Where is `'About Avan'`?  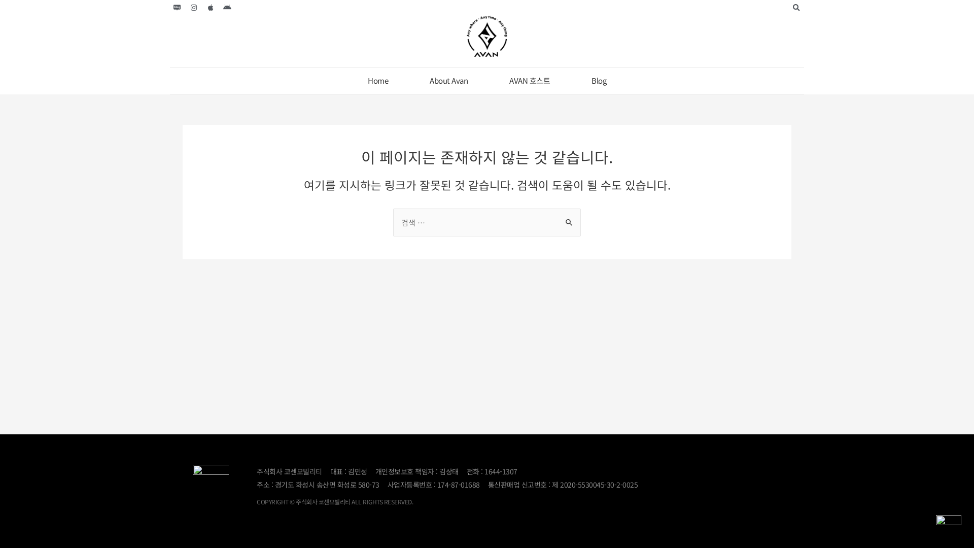
'About Avan' is located at coordinates (448, 80).